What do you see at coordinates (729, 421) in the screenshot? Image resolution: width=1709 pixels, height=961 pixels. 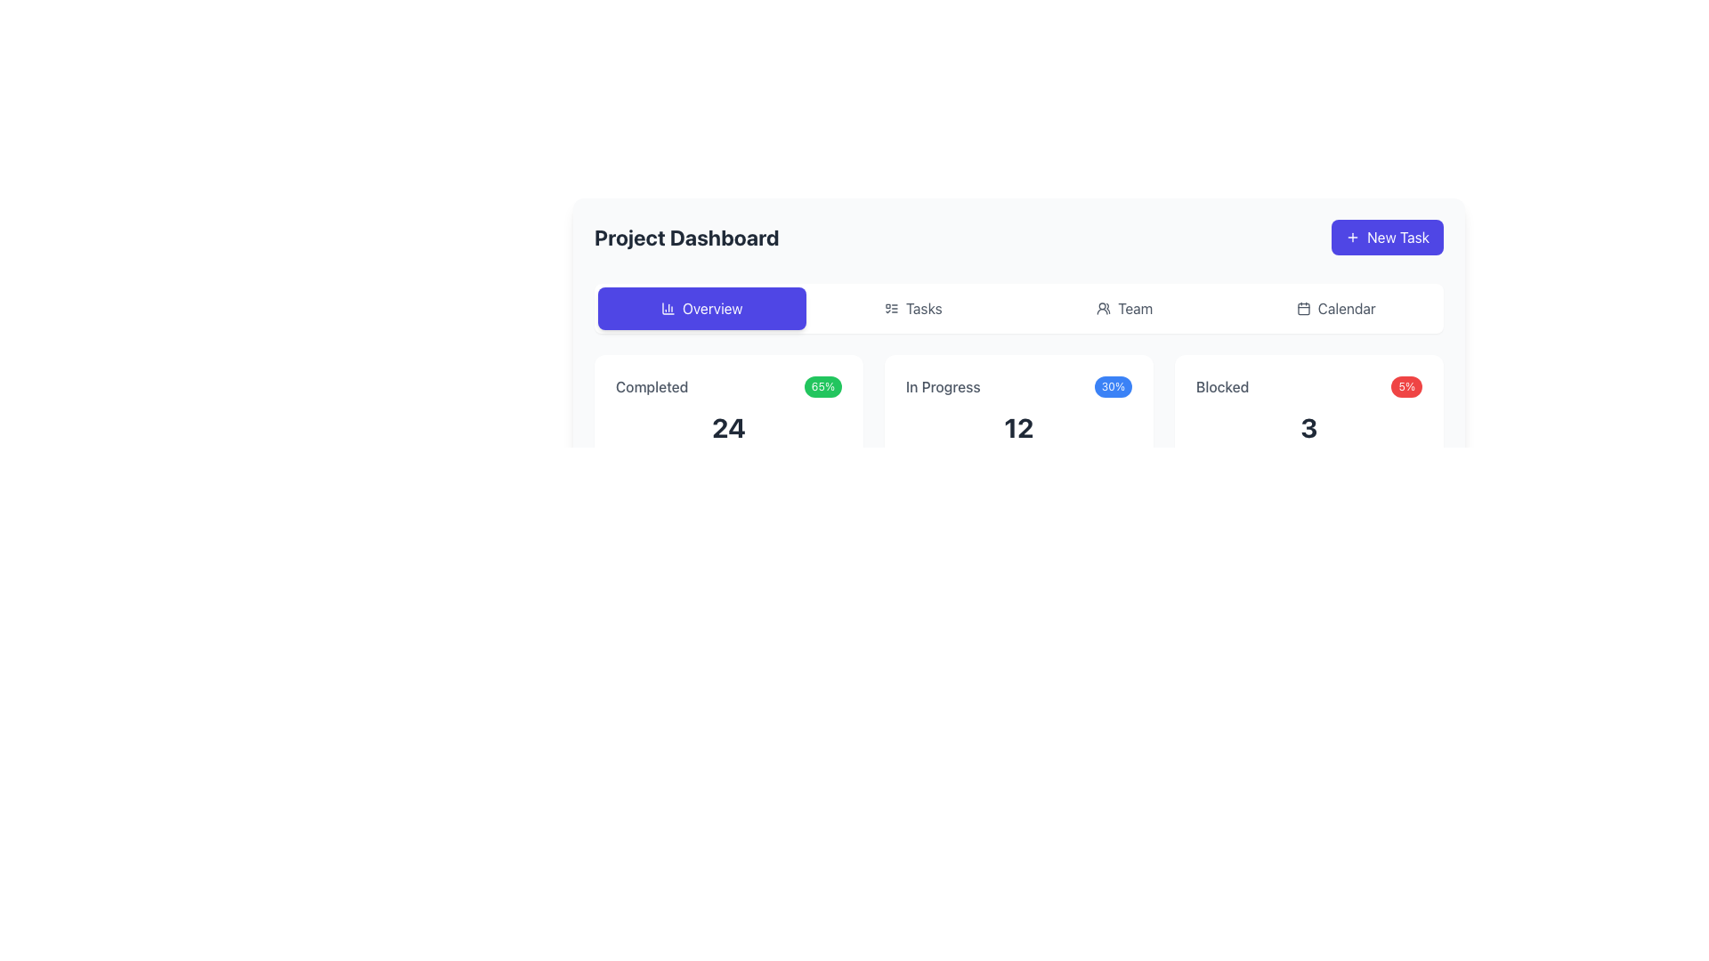 I see `the Panel displaying metrics, which shows a summary of completed tasks including percentage and total count` at bounding box center [729, 421].